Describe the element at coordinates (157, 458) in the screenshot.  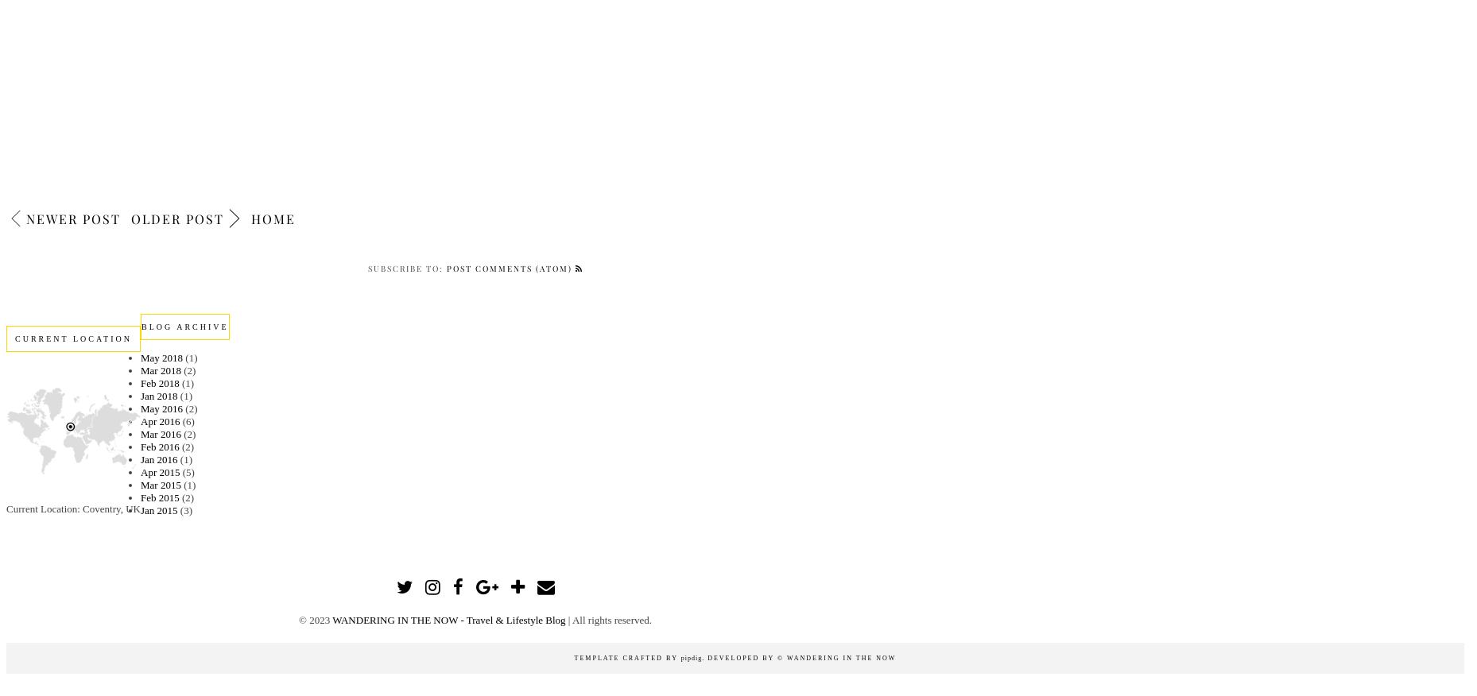
I see `'Jan 2016'` at that location.